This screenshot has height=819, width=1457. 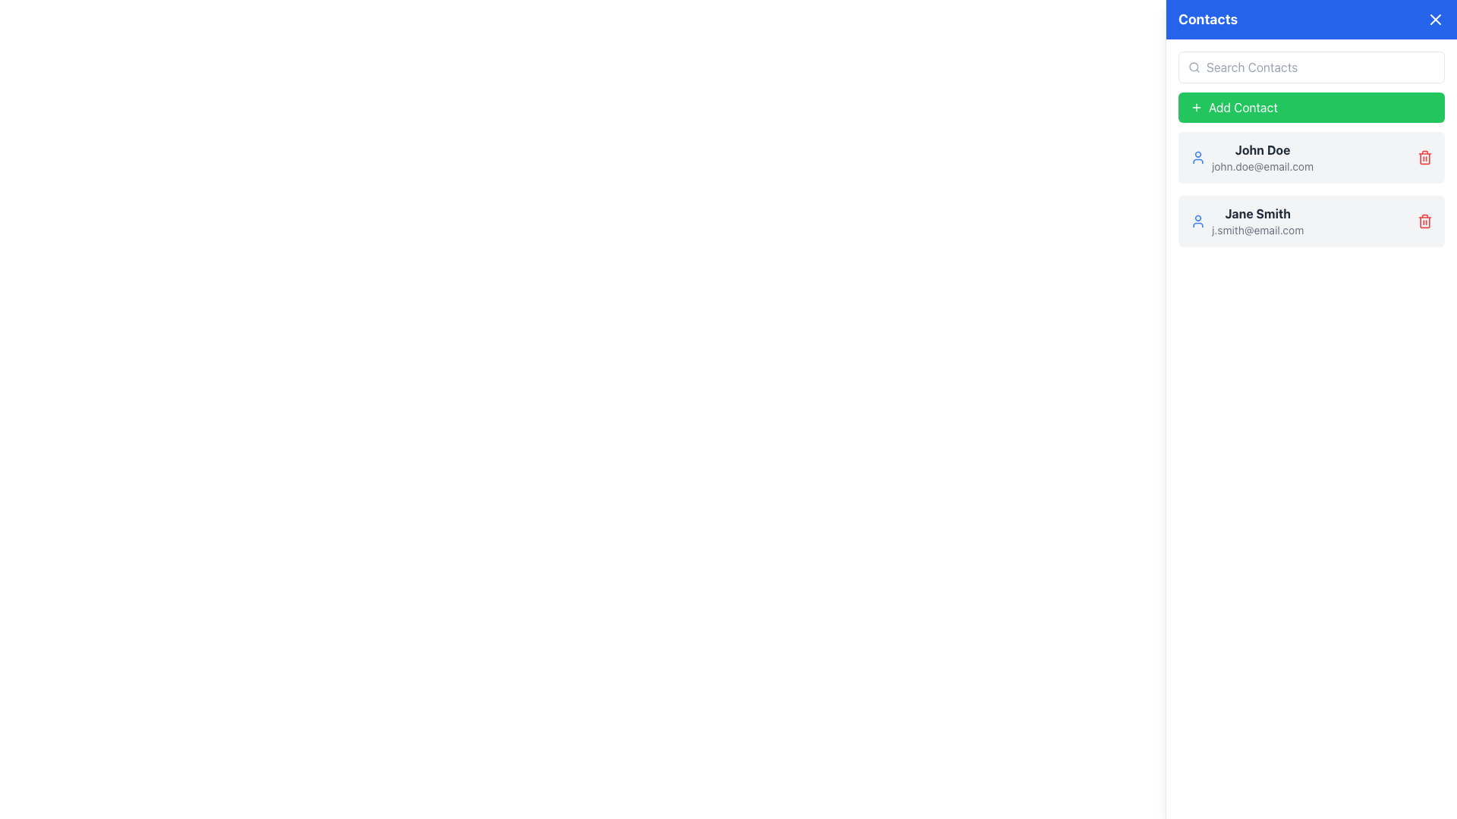 I want to click on displayed information from the static text containing 'Jane Smith' and 'j.smith@email.com' in the second contact card, so click(x=1257, y=221).